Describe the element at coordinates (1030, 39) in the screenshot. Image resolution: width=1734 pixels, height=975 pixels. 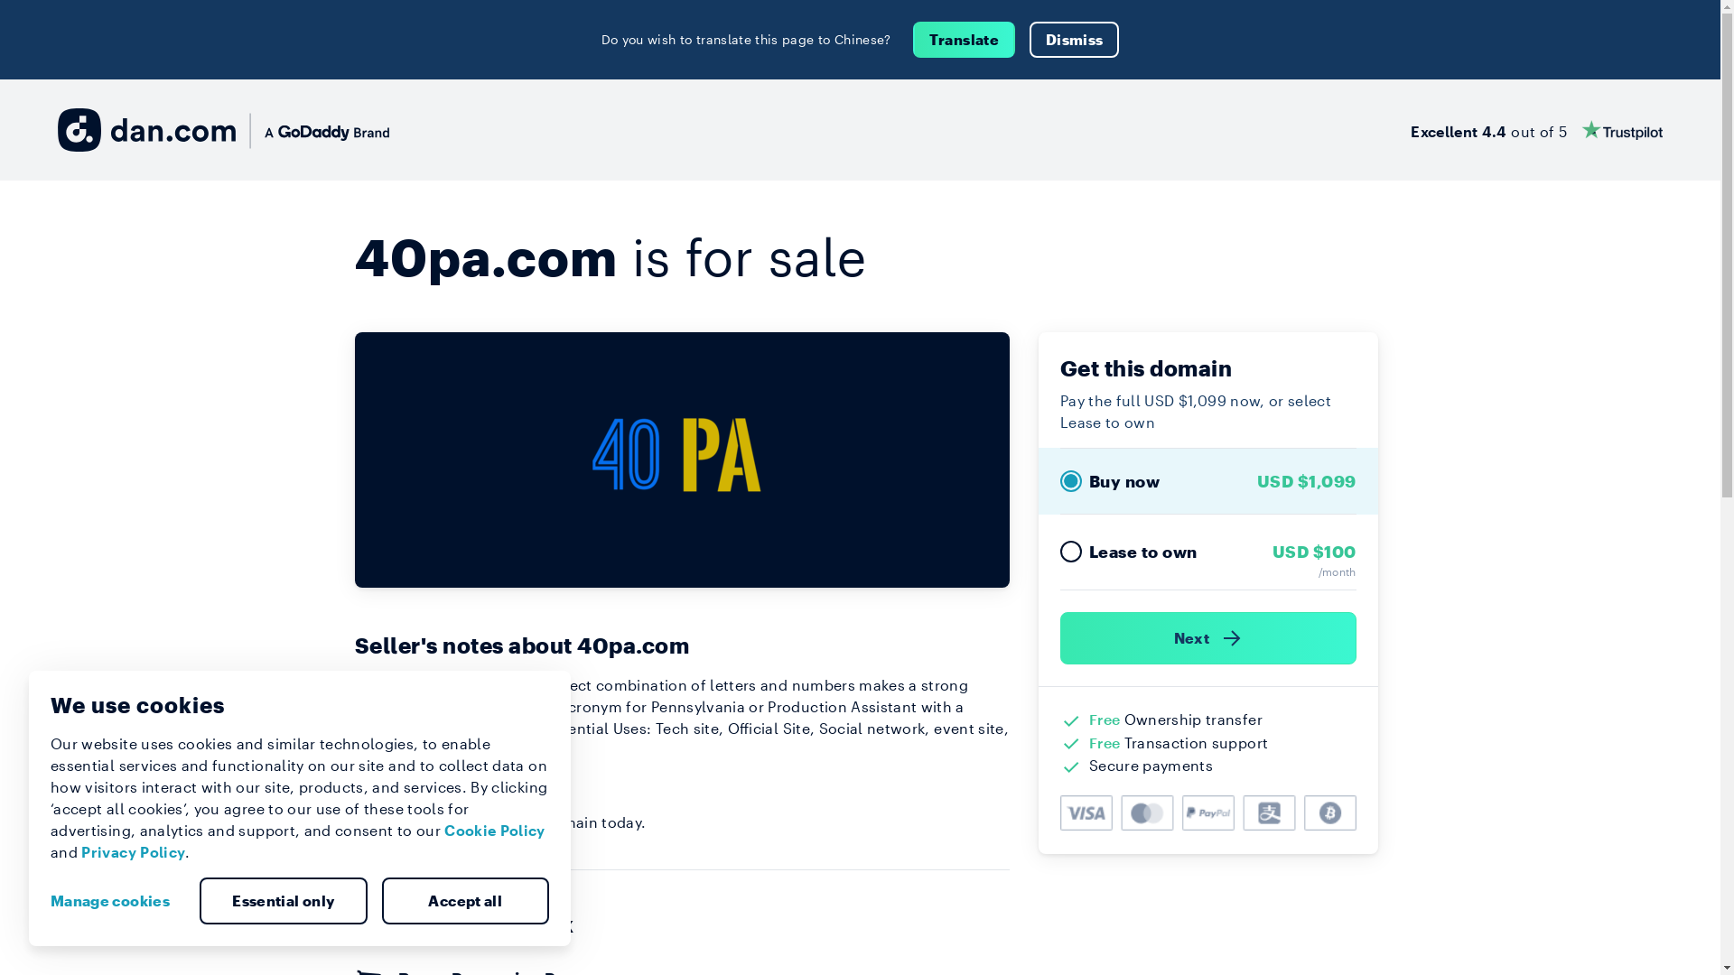
I see `'Dismiss'` at that location.